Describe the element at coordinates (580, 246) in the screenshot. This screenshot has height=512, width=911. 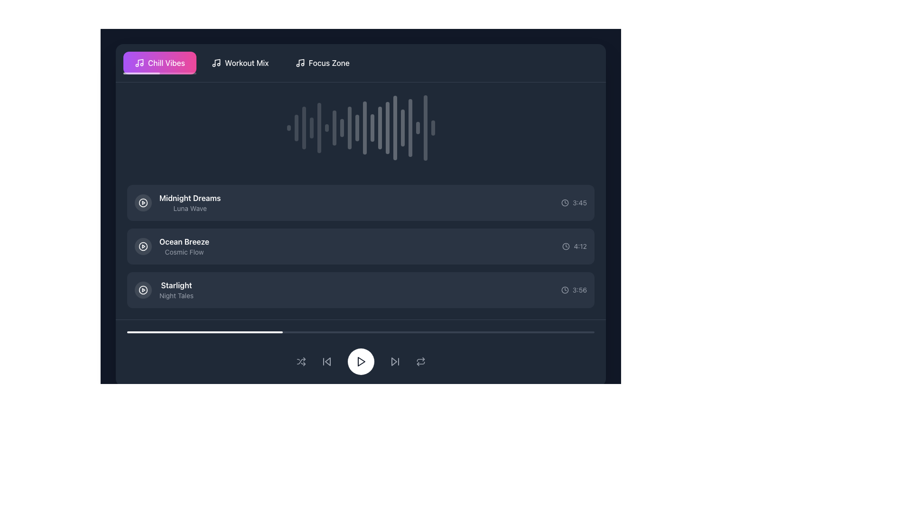
I see `the text label displaying the time '4:12', which is styled in a small, light gray font and located to the right of the track title 'Ocean Breeze' in the playlist interface` at that location.